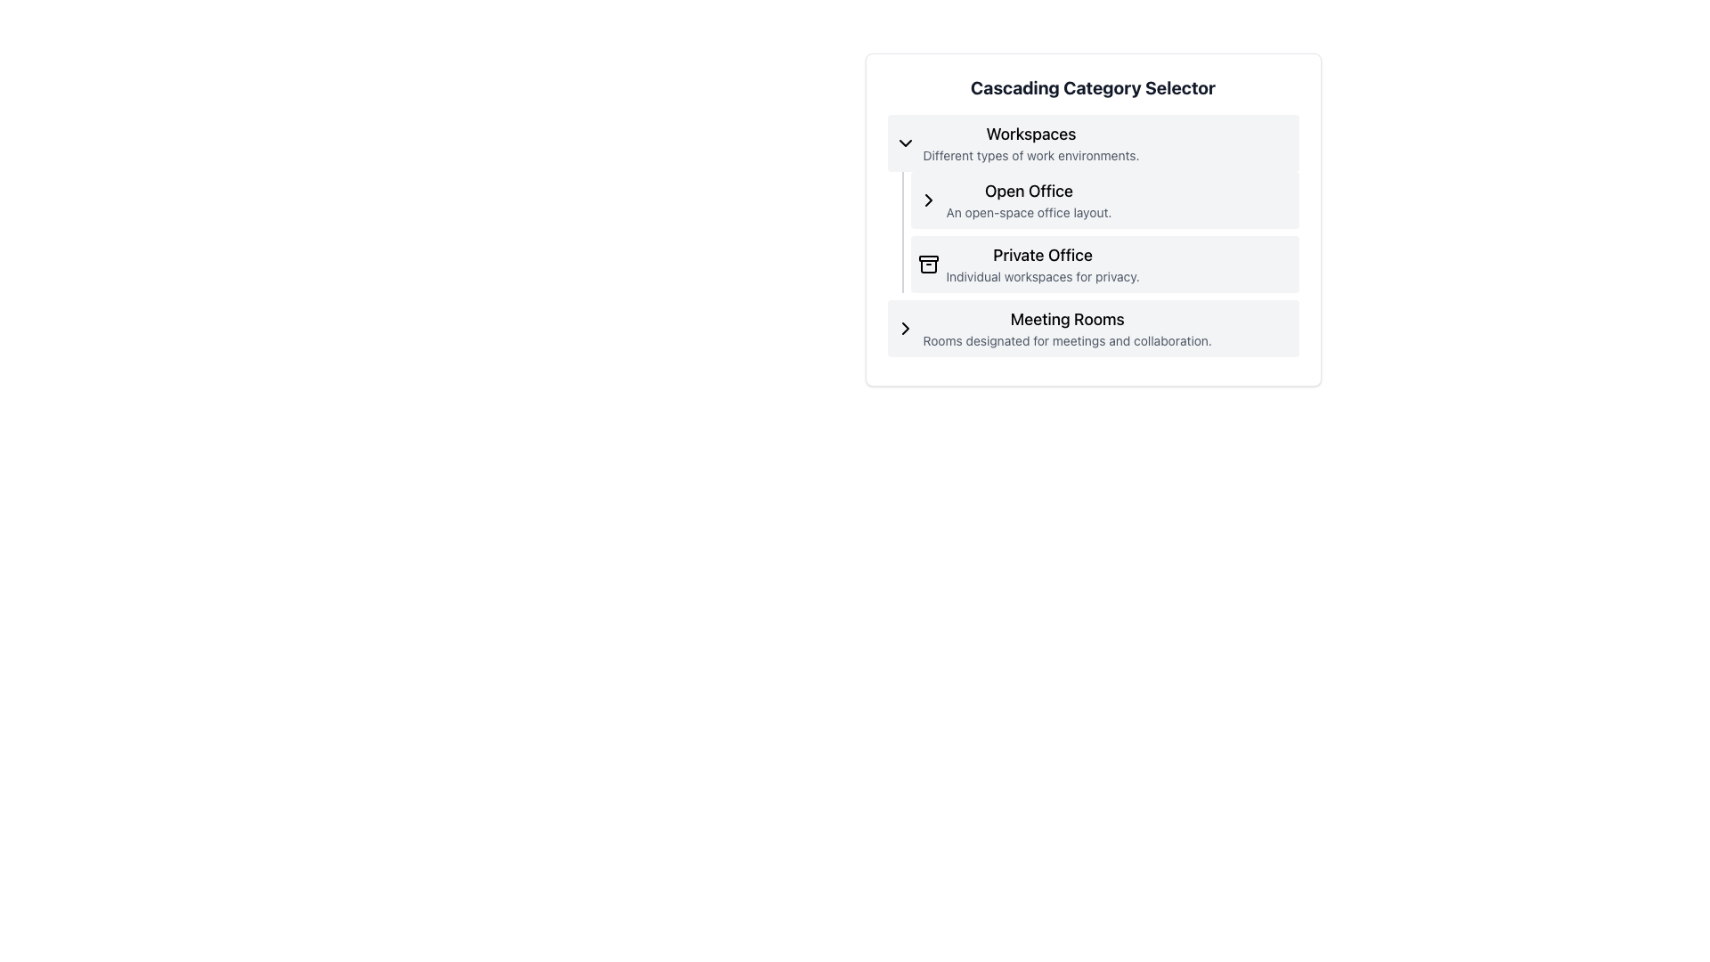 Image resolution: width=1710 pixels, height=962 pixels. I want to click on to select the 'Private Office' category option in the cascading selection interface, which is the second item in the 'Workspaces' category list, so click(1103, 265).